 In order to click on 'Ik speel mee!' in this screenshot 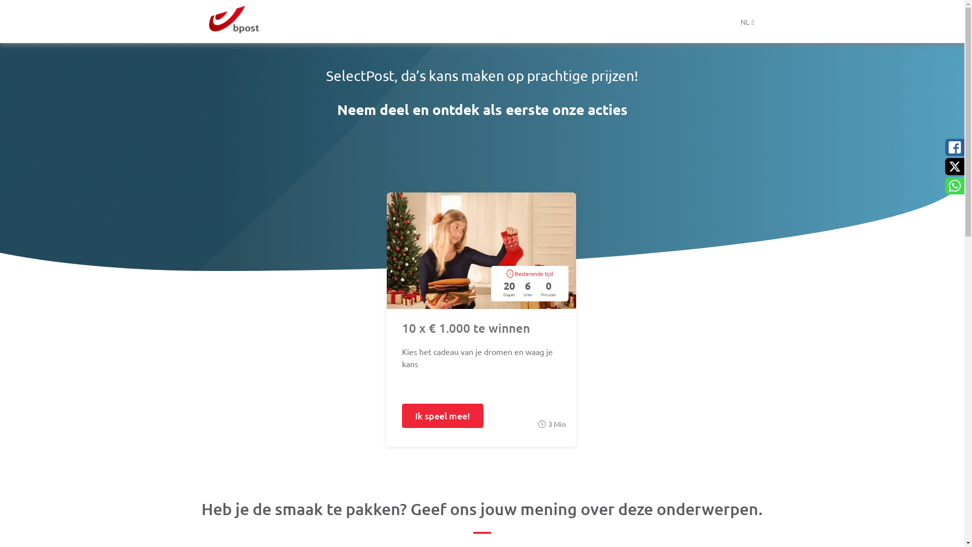, I will do `click(401, 416)`.